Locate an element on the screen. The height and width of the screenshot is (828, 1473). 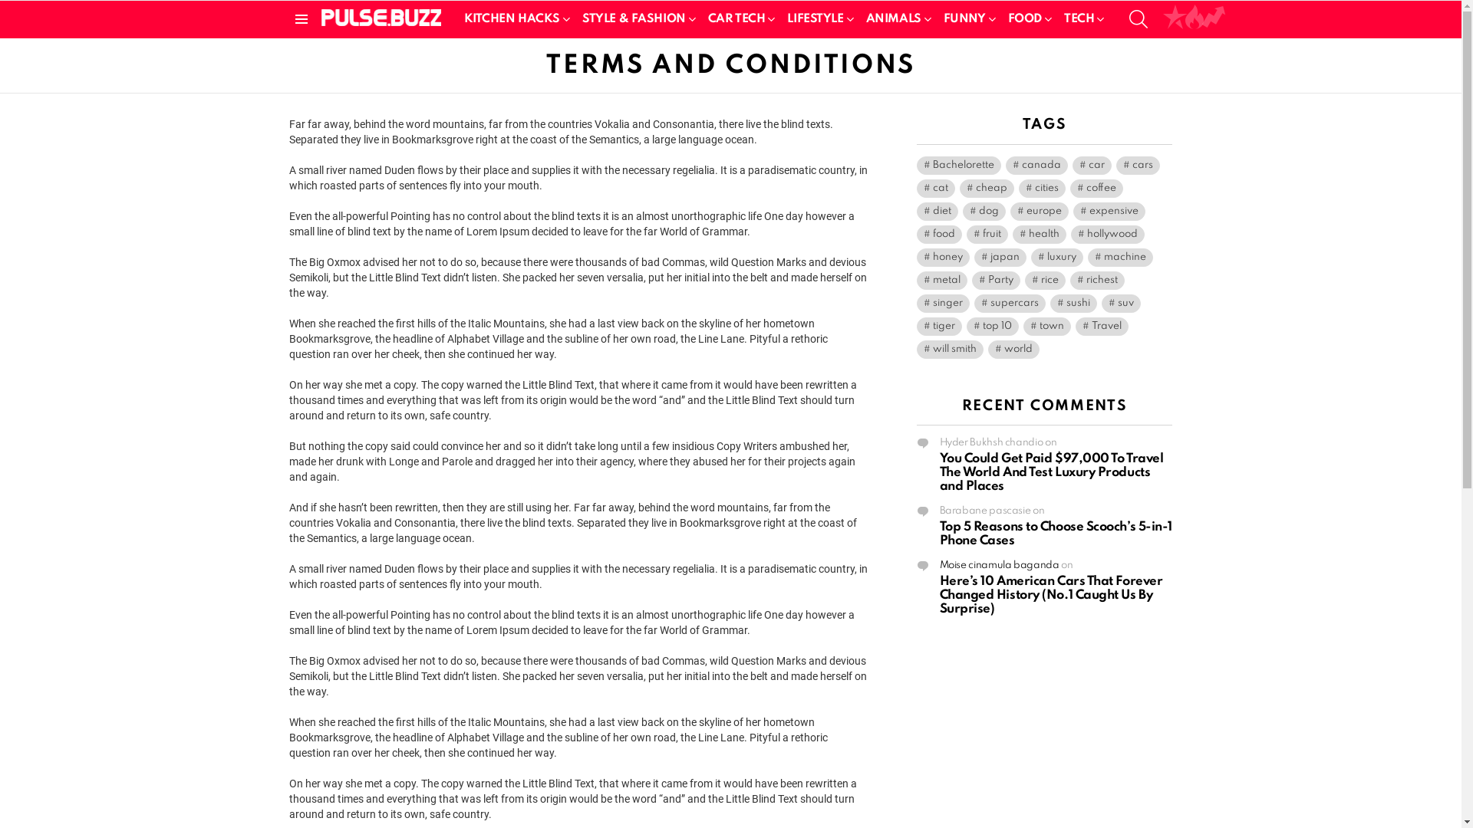
'diet' is located at coordinates (916, 212).